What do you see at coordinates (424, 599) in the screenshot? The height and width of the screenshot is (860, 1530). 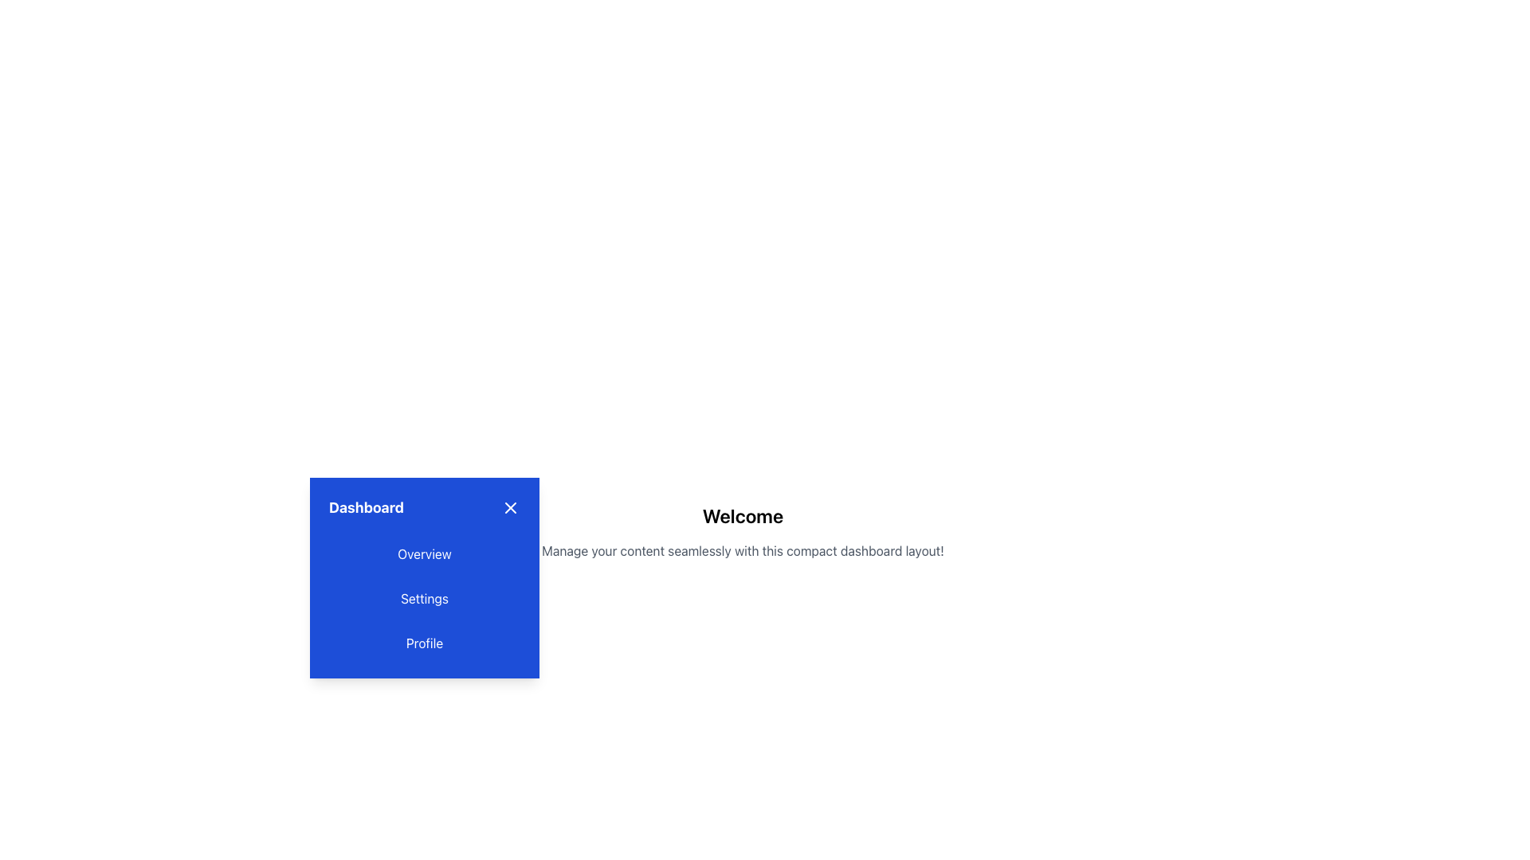 I see `the 'Settings' hyperlink menu item, which is the second item in the blue sidebar menu` at bounding box center [424, 599].